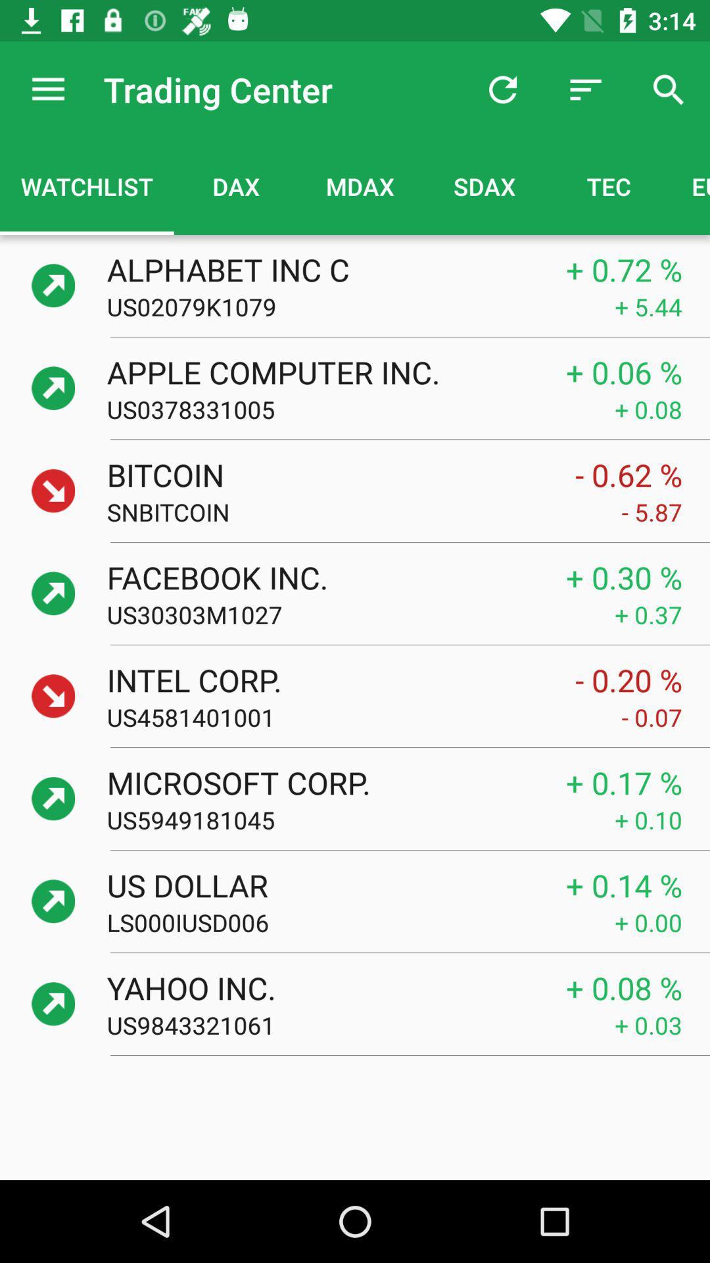 The width and height of the screenshot is (710, 1263). Describe the element at coordinates (502, 89) in the screenshot. I see `item above the sdax` at that location.